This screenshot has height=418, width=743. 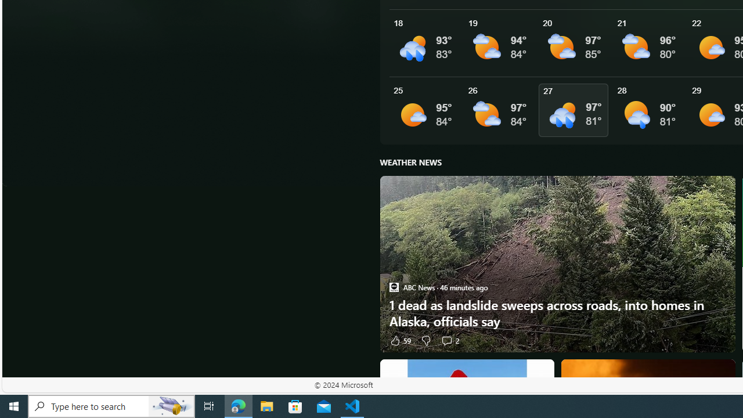 What do you see at coordinates (446, 340) in the screenshot?
I see `'View comments 2 Comment'` at bounding box center [446, 340].